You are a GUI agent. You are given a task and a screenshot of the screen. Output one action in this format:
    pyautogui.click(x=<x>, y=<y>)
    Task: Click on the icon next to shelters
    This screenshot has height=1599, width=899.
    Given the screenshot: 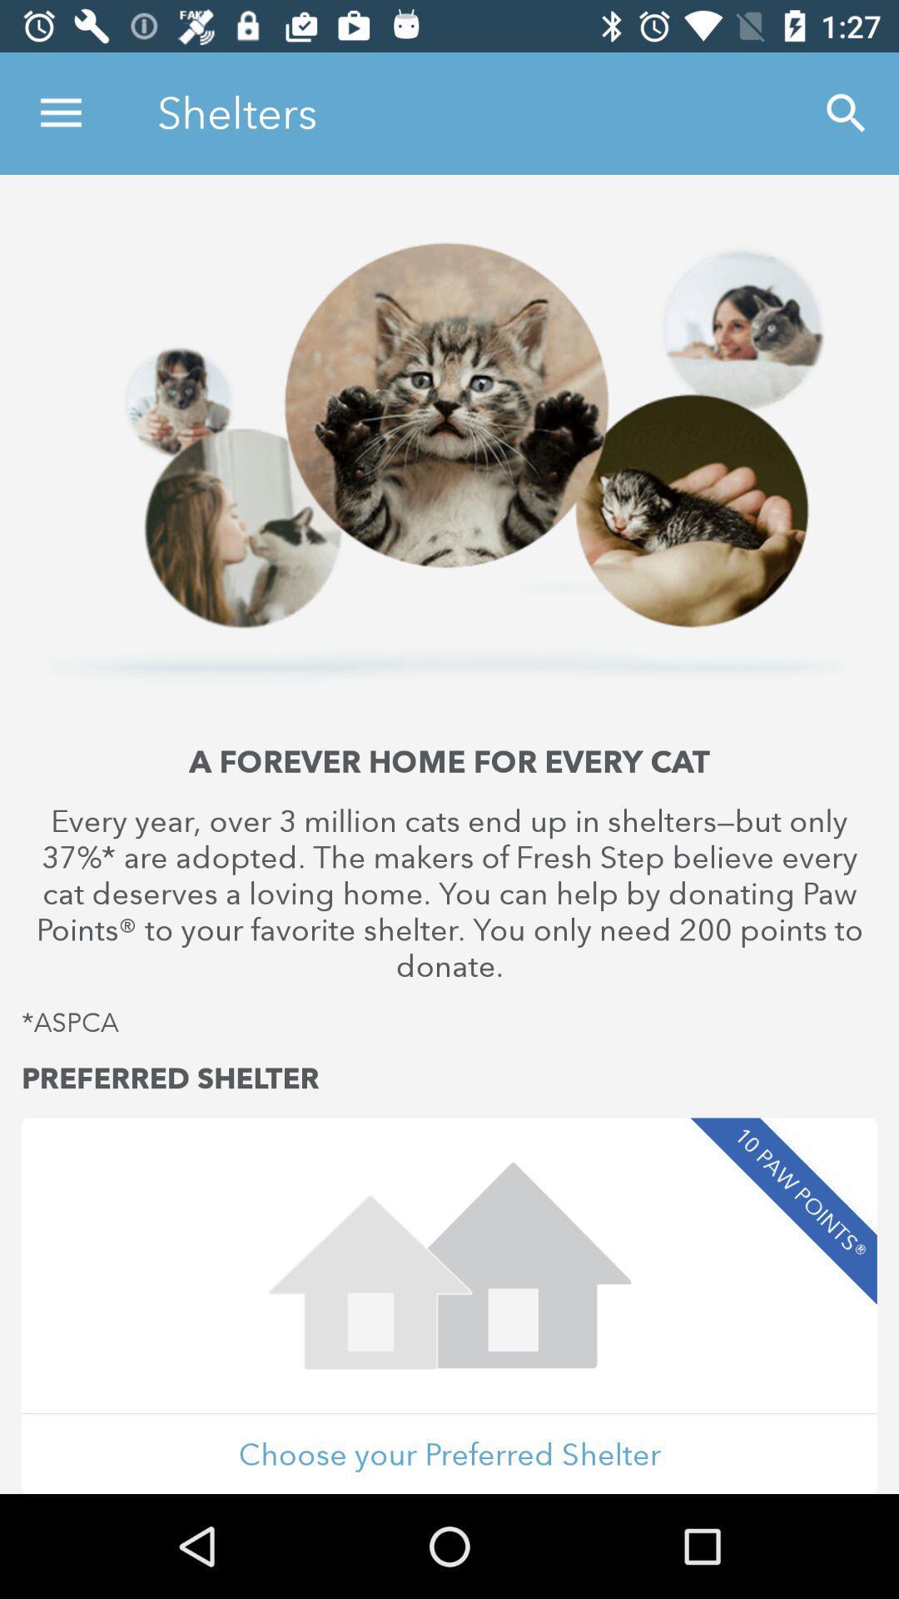 What is the action you would take?
    pyautogui.click(x=60, y=112)
    